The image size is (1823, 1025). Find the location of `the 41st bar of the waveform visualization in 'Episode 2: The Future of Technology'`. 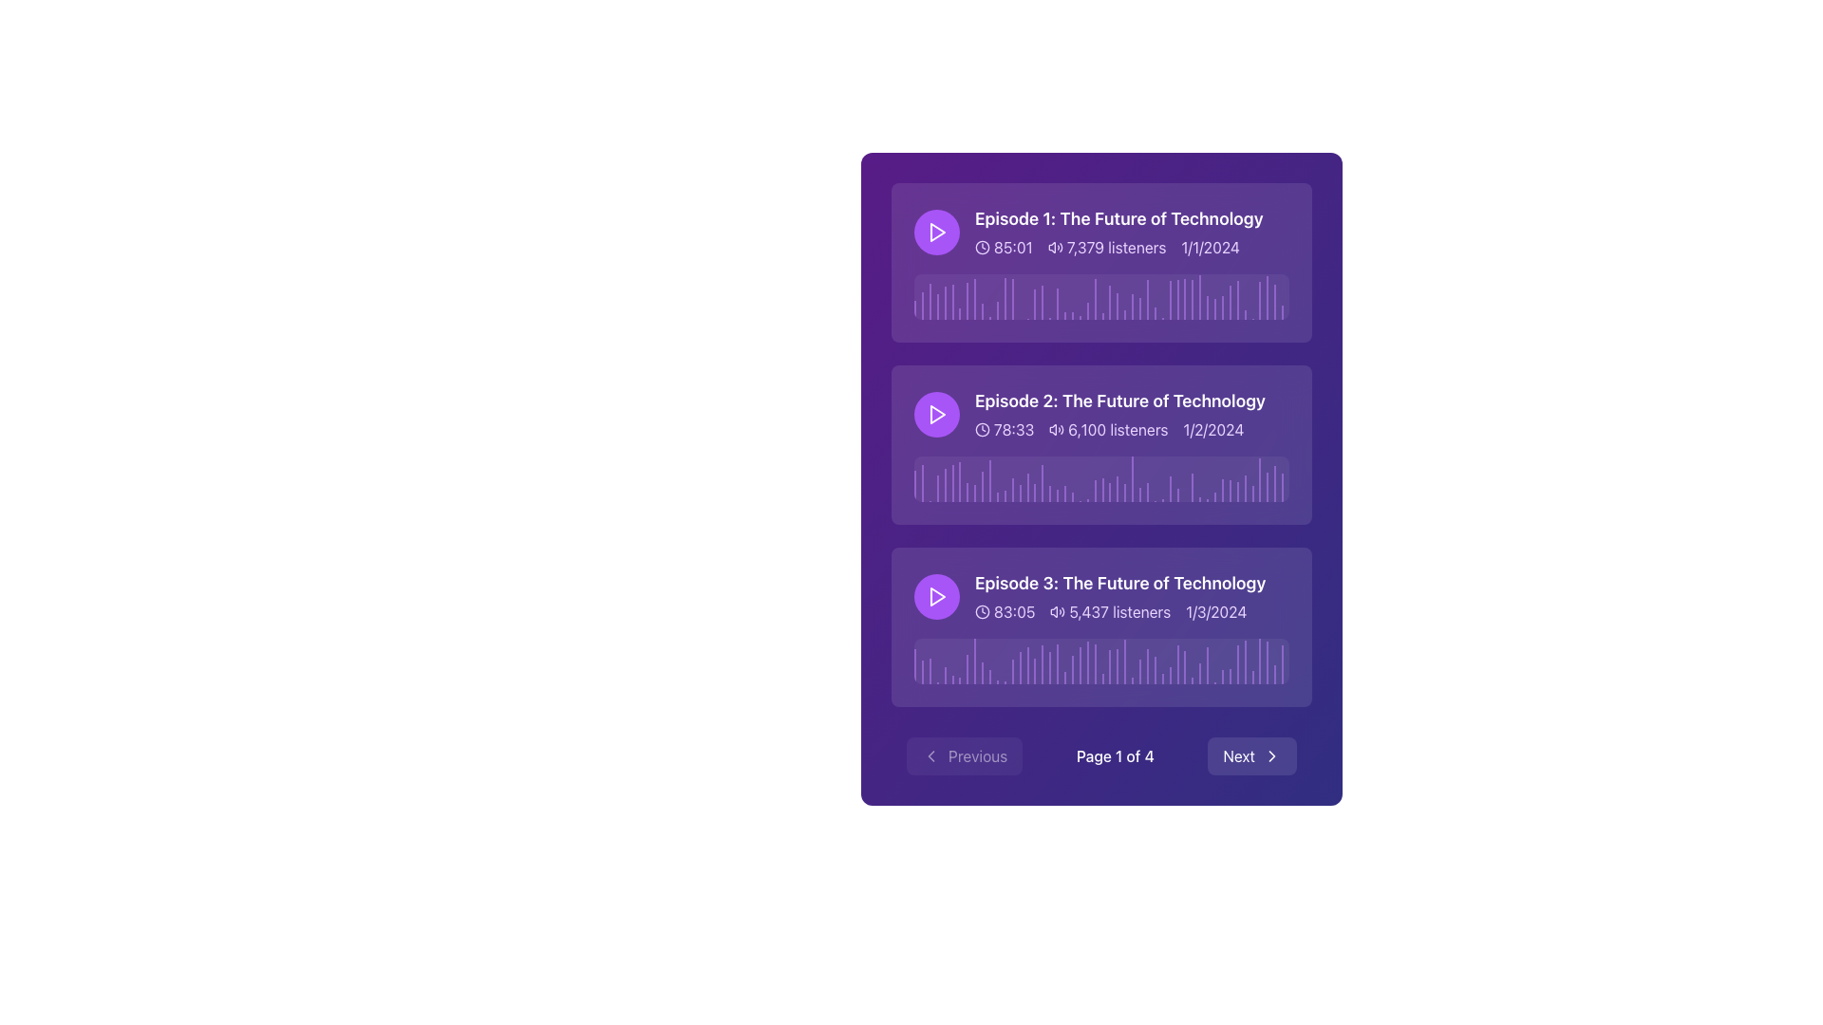

the 41st bar of the waveform visualization in 'Episode 2: The Future of Technology' is located at coordinates (1222, 490).